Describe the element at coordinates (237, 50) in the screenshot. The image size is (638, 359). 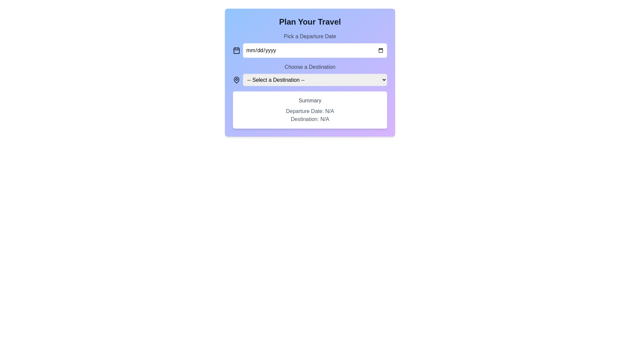
I see `the date selection icon located to the left of the departure date input field` at that location.